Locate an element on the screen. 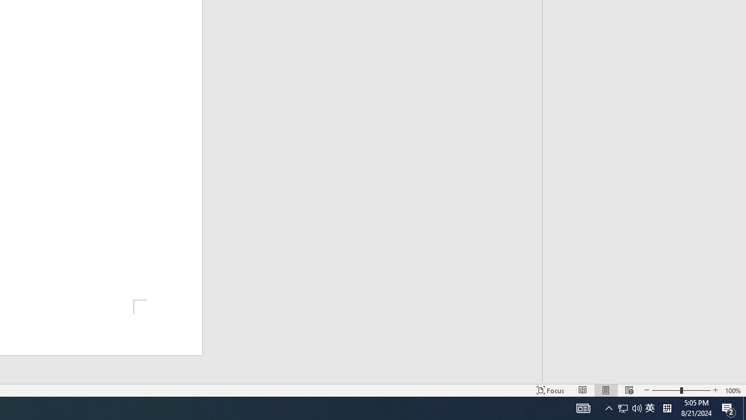 This screenshot has height=420, width=746. 'Zoom 100%' is located at coordinates (733, 390).